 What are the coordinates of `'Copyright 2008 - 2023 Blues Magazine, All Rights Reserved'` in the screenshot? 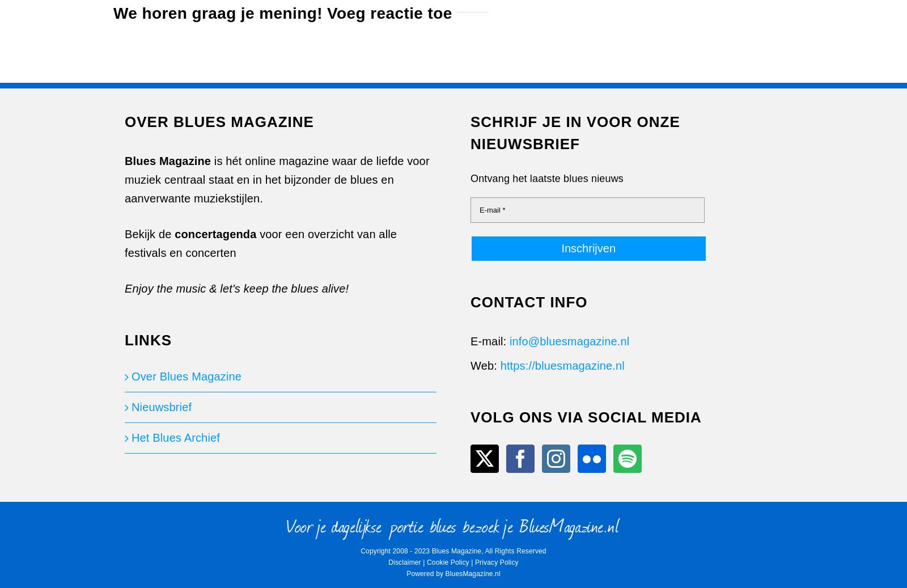 It's located at (453, 551).